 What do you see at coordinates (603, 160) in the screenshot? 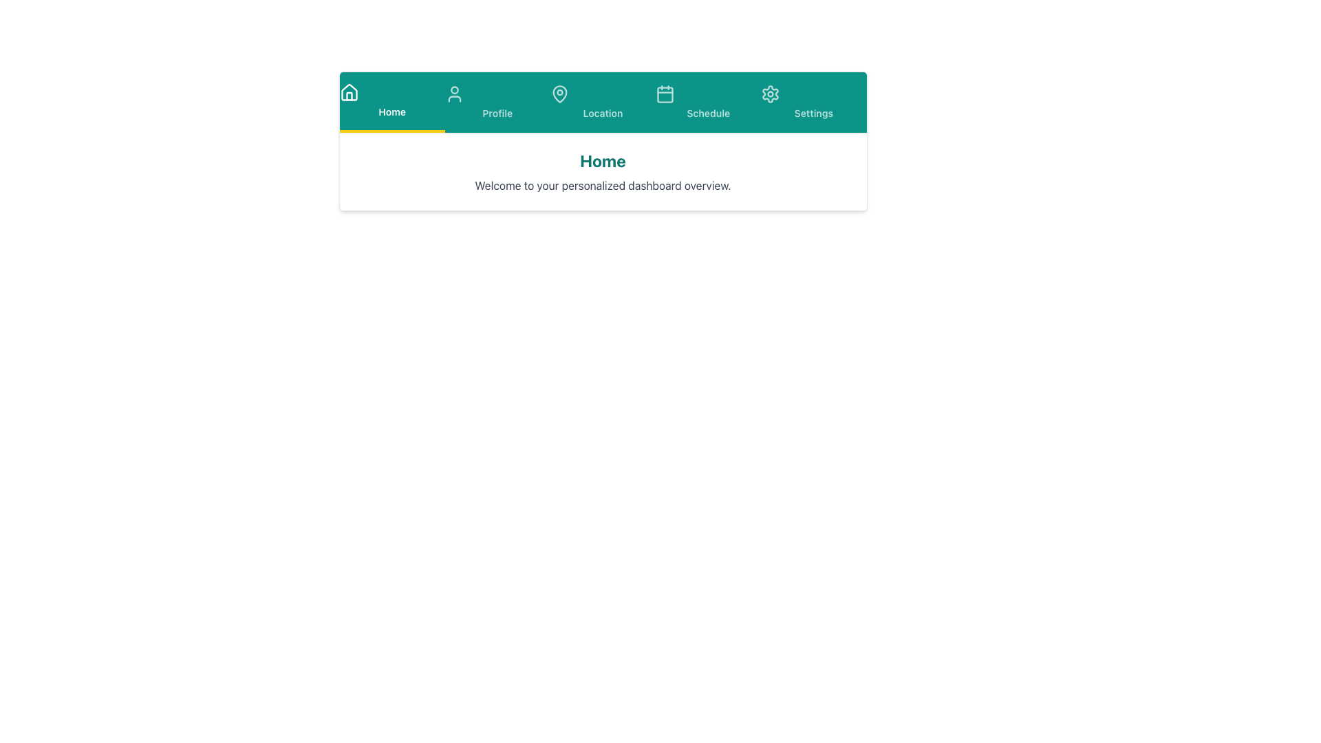
I see `text label that serves as the title or header, indicating the current active section or page within the interface, located above the secondary text line` at bounding box center [603, 160].